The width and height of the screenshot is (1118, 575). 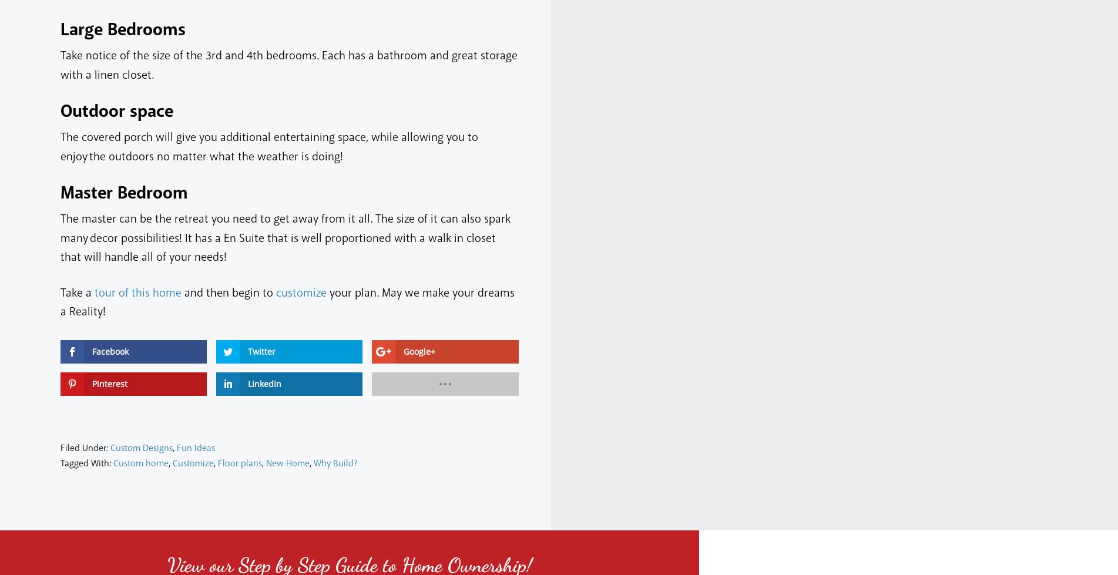 What do you see at coordinates (60, 193) in the screenshot?
I see `'Master Bedroom'` at bounding box center [60, 193].